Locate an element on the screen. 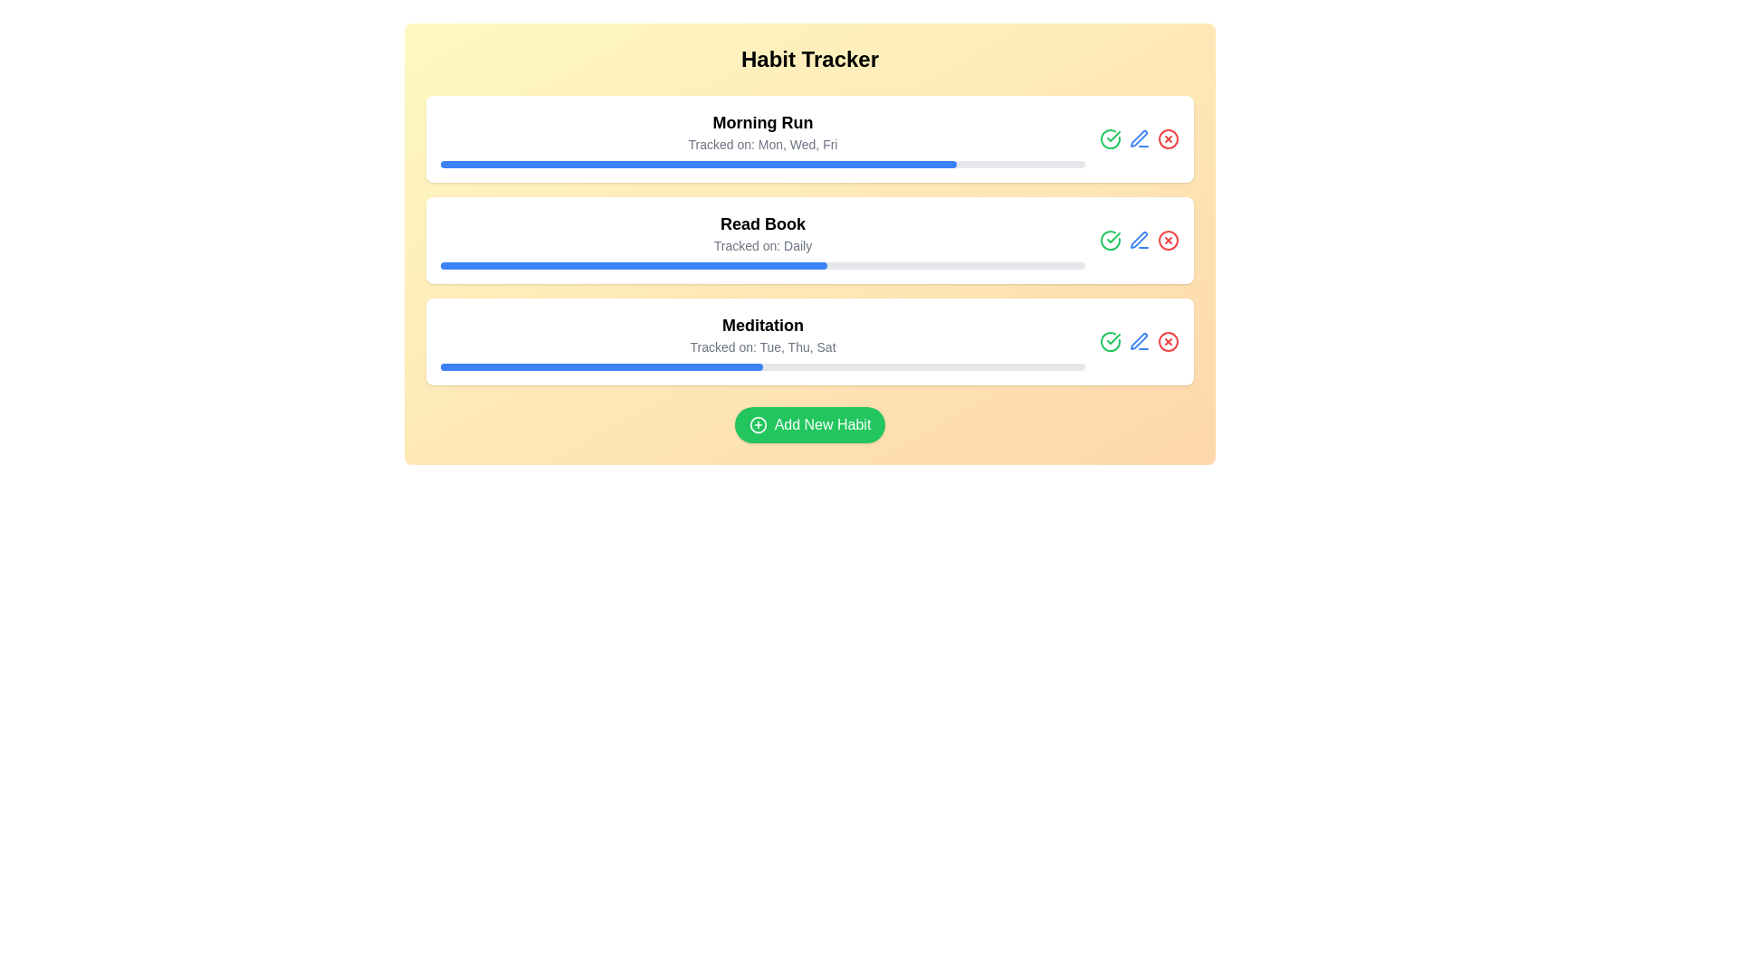 This screenshot has height=977, width=1738. the text label that serves as the heading for the habit 'Morning Run', which is the first element in the habit list and located in the top-left portion of the interface is located at coordinates (763, 122).